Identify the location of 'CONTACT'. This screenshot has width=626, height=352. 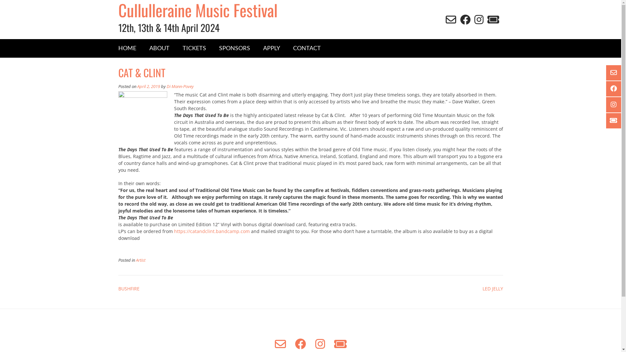
(306, 48).